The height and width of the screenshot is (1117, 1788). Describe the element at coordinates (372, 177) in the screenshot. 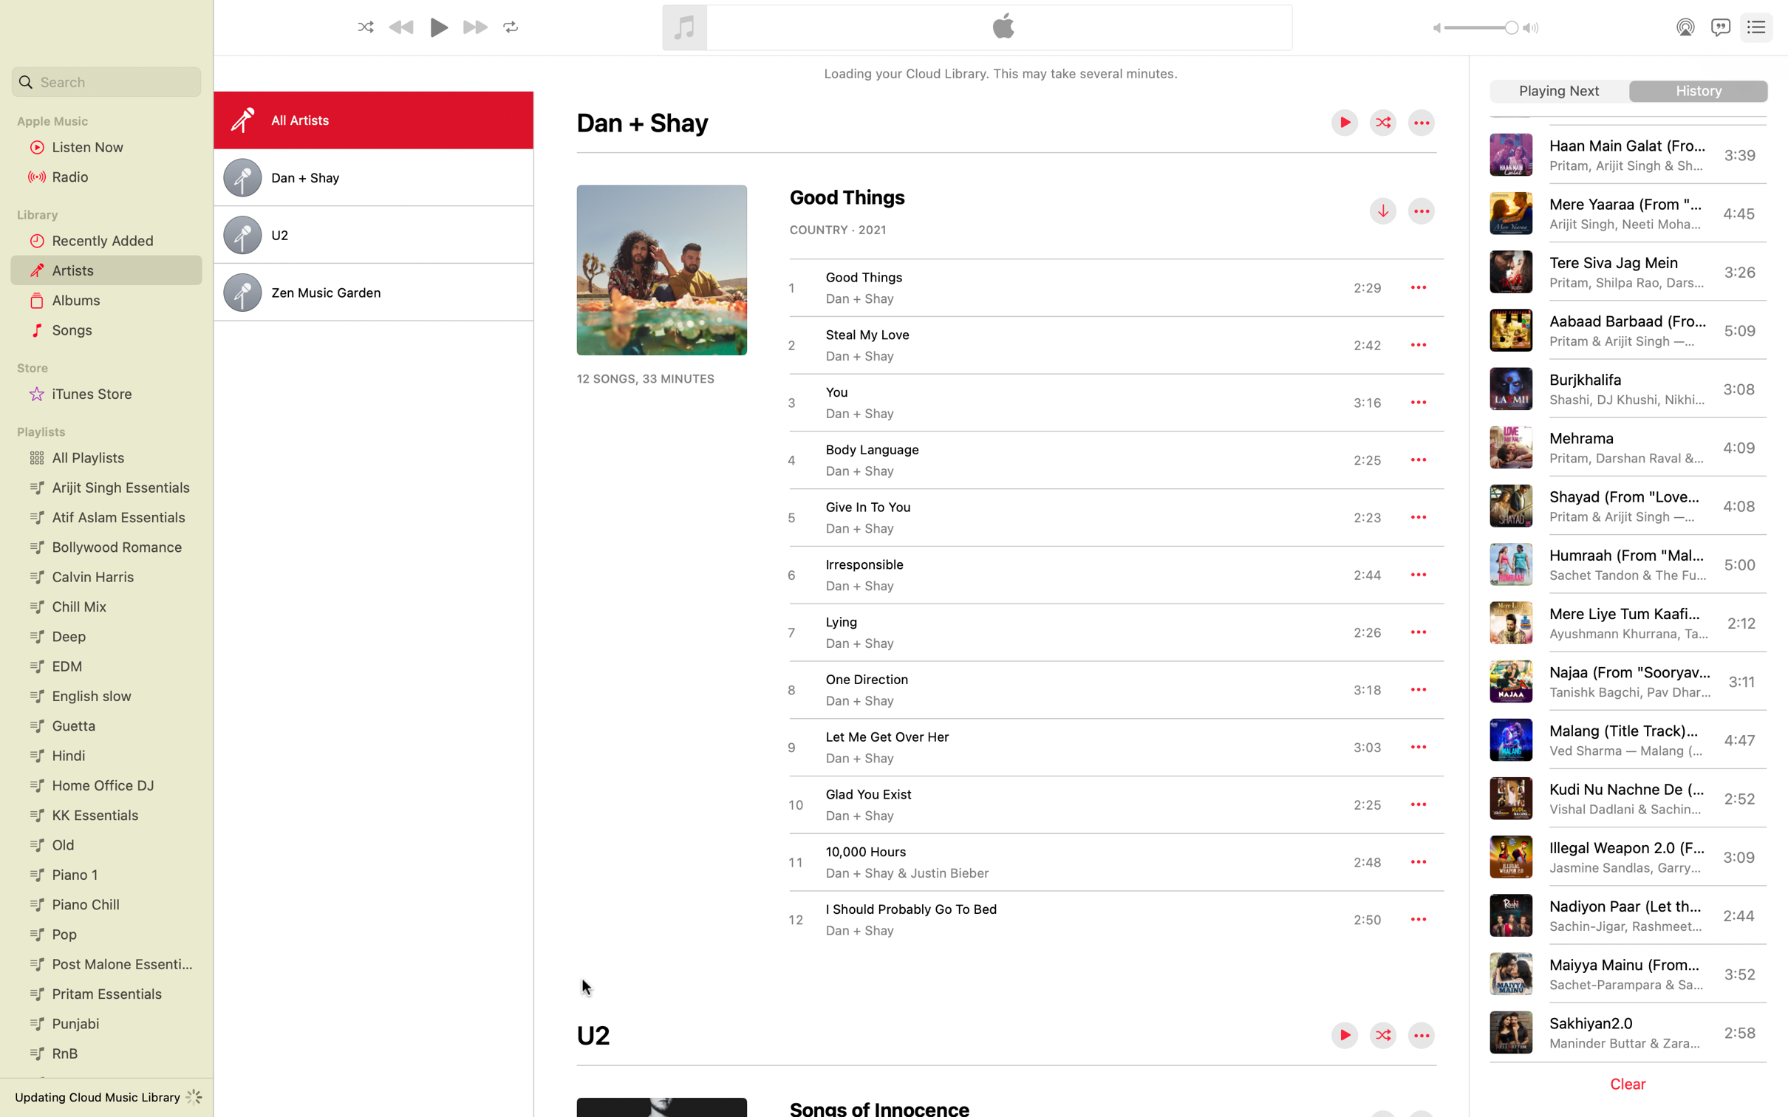

I see `the list view feature for the playlist "Dan Shay"` at that location.